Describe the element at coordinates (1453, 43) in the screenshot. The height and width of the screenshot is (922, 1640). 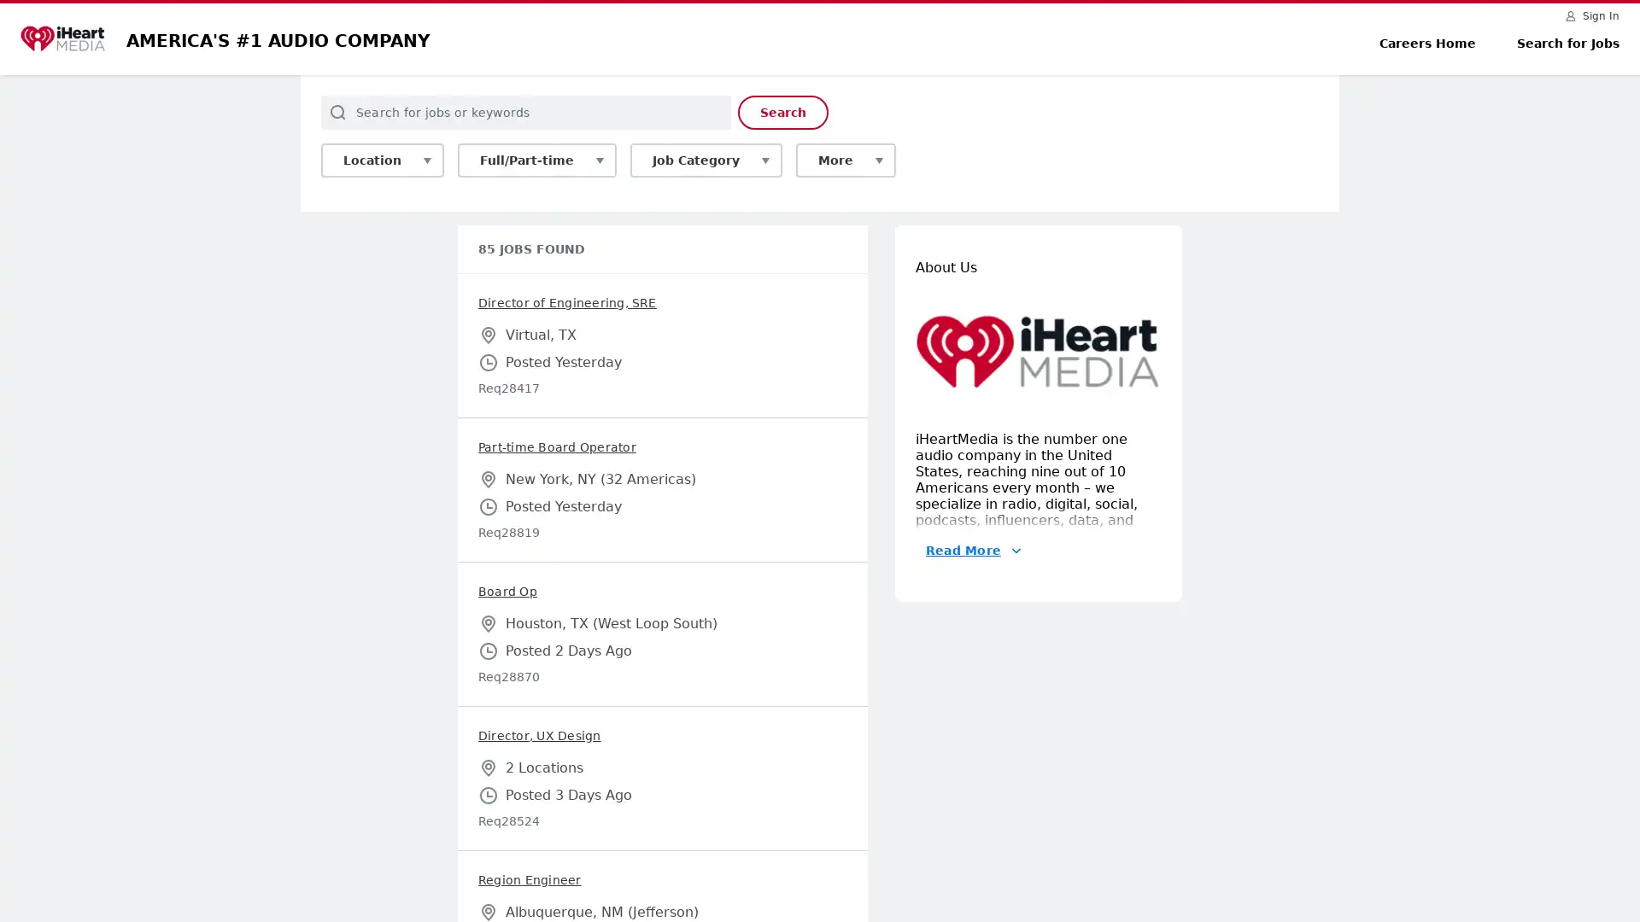
I see `Careers Home` at that location.